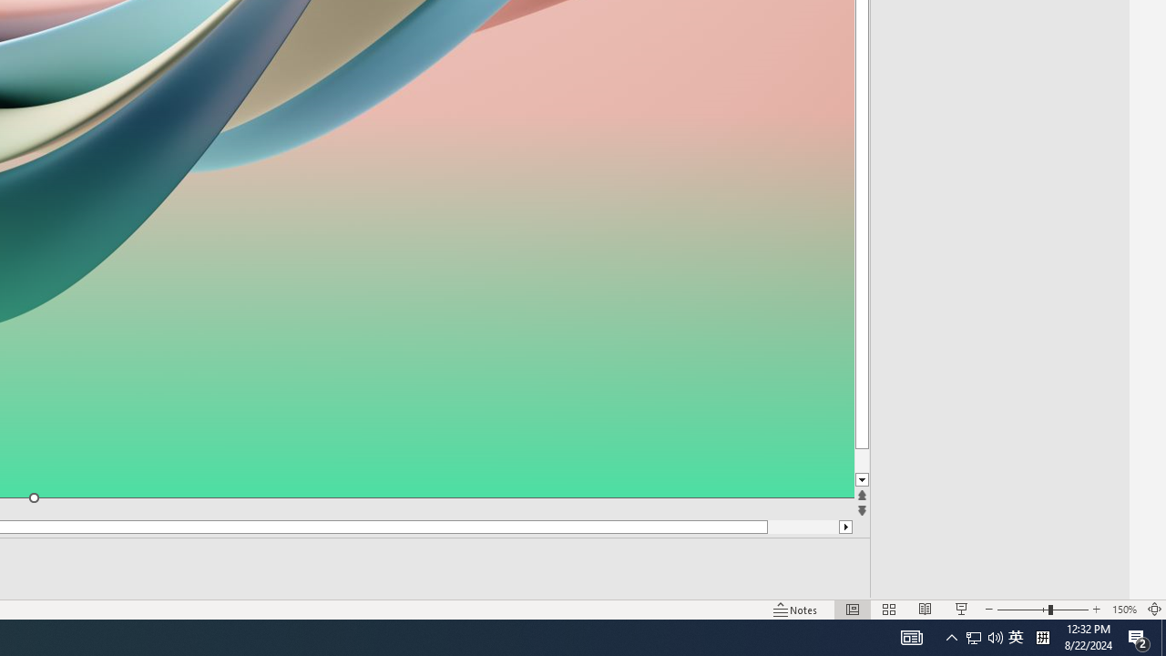 The height and width of the screenshot is (656, 1166). Describe the element at coordinates (895, 479) in the screenshot. I see `'Line down'` at that location.